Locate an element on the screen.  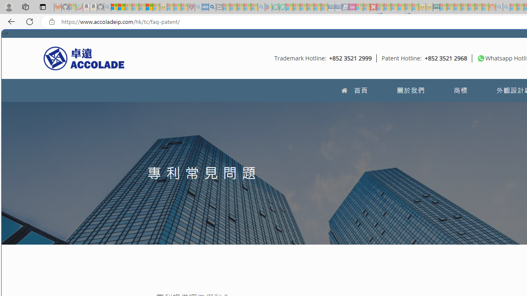
'MSNBC - MSN - Sleeping' is located at coordinates (443, 7).